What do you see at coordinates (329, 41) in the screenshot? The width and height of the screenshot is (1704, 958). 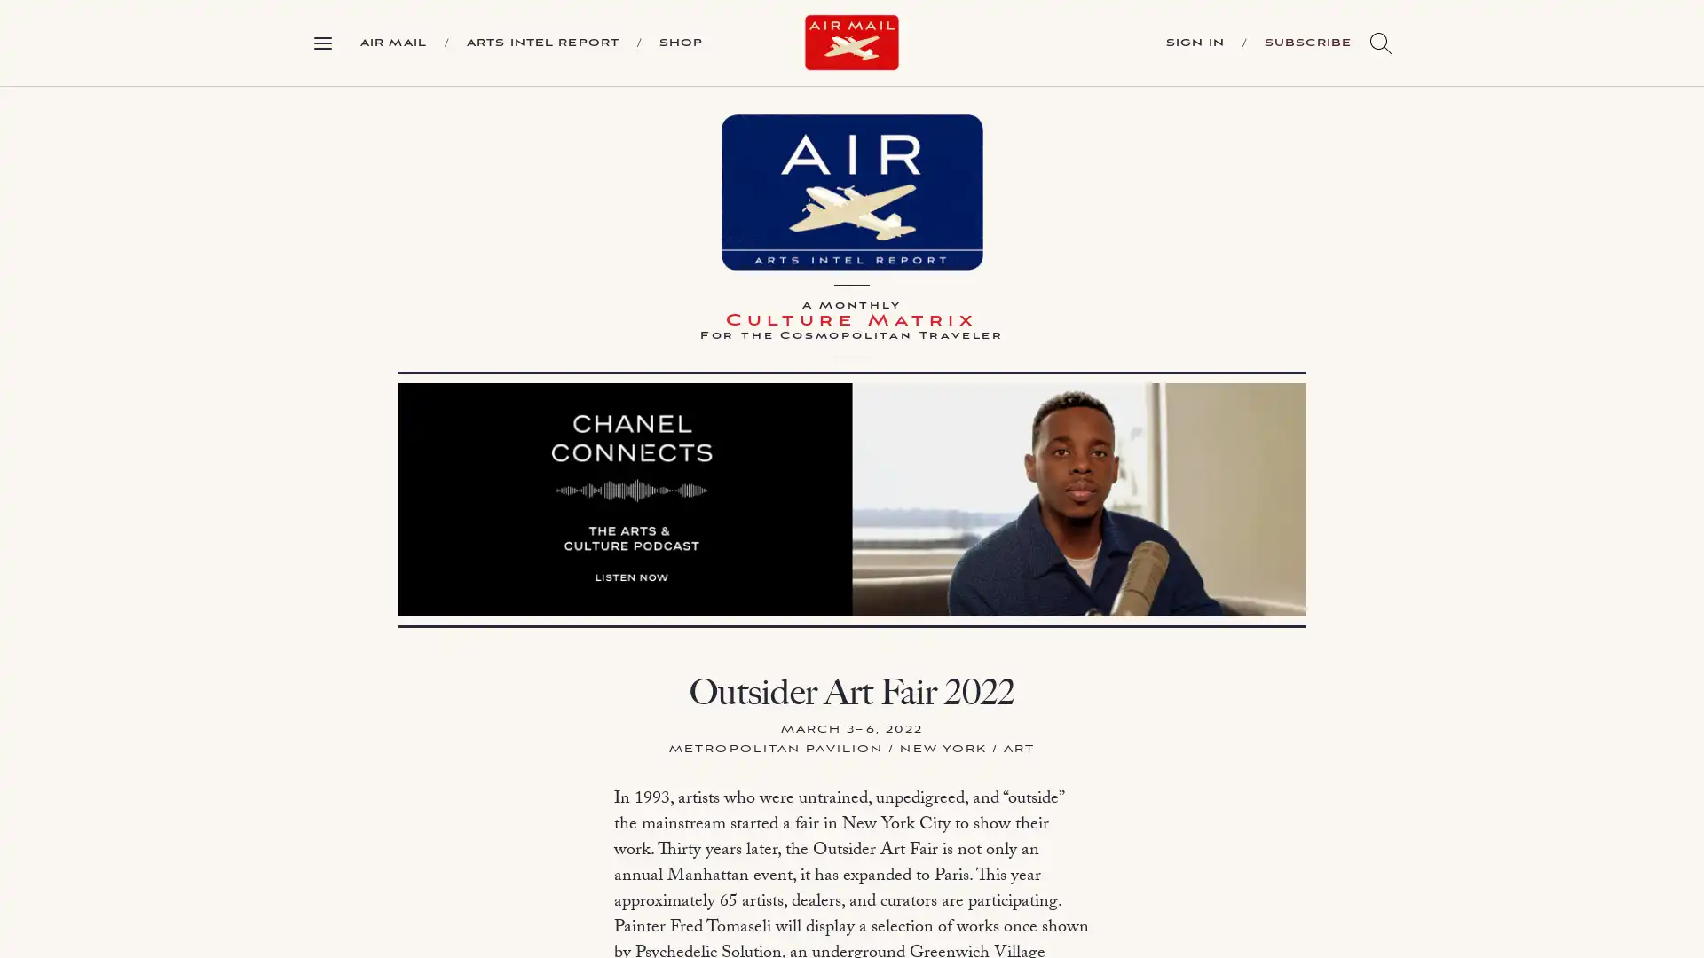 I see `Menu` at bounding box center [329, 41].